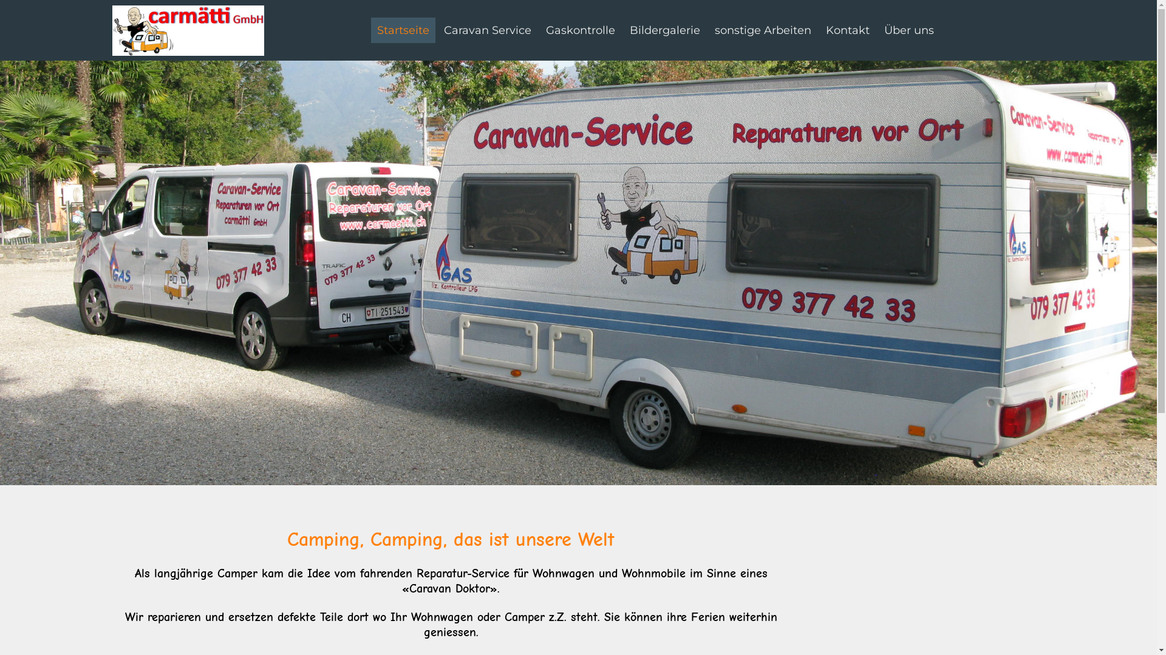 The width and height of the screenshot is (1166, 655). I want to click on 'Caravan Service', so click(487, 30).